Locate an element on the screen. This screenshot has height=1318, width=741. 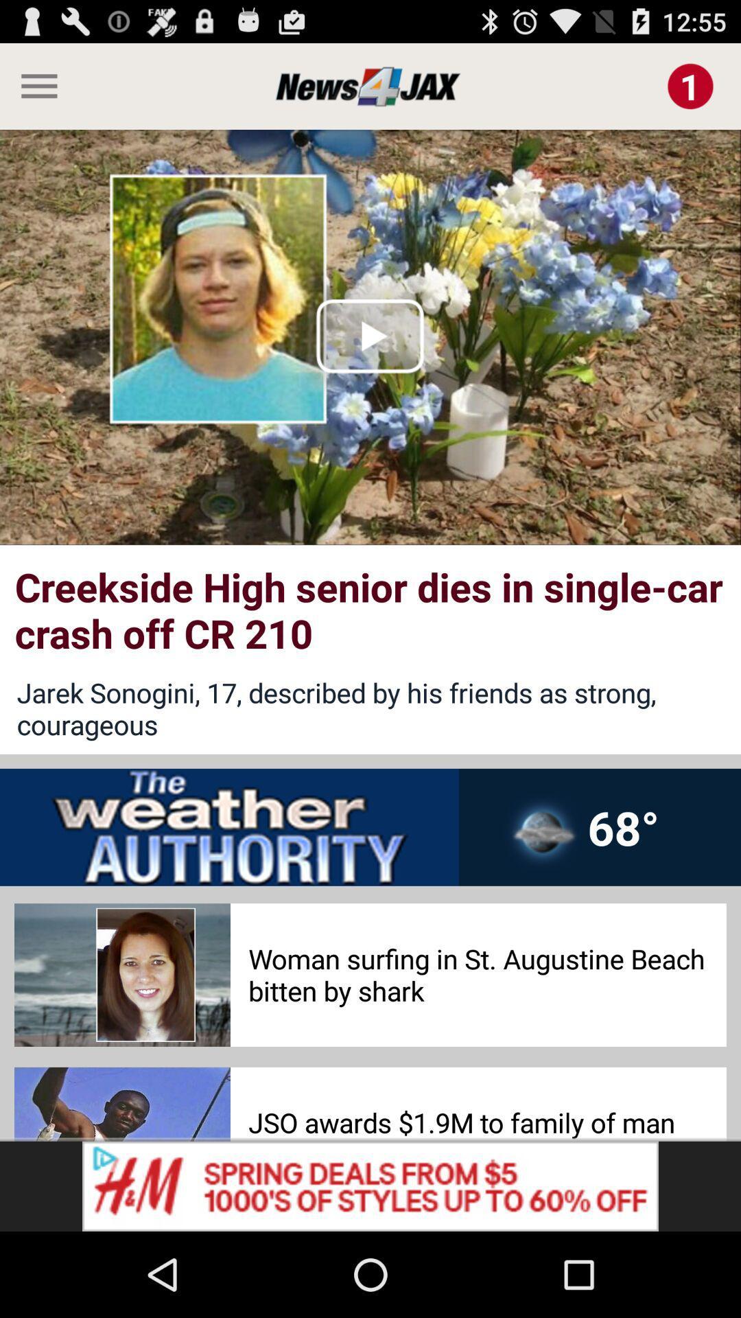
open notification is located at coordinates (690, 85).